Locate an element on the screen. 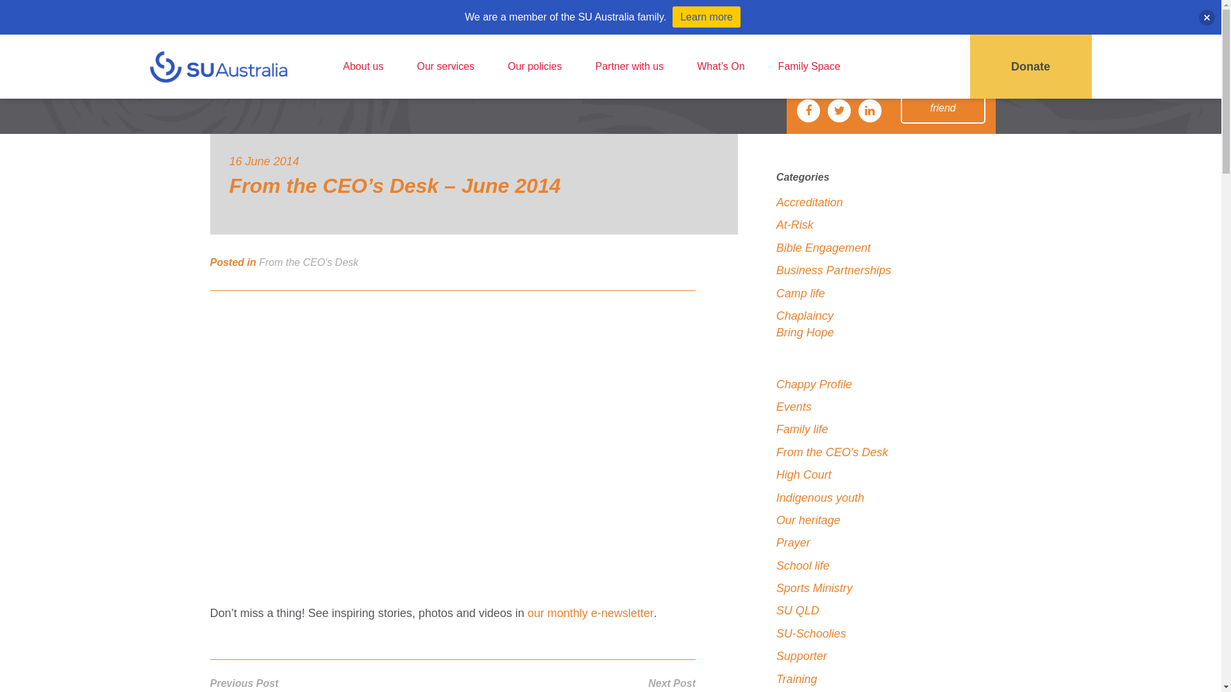  'From the CEO's Desk' is located at coordinates (308, 261).